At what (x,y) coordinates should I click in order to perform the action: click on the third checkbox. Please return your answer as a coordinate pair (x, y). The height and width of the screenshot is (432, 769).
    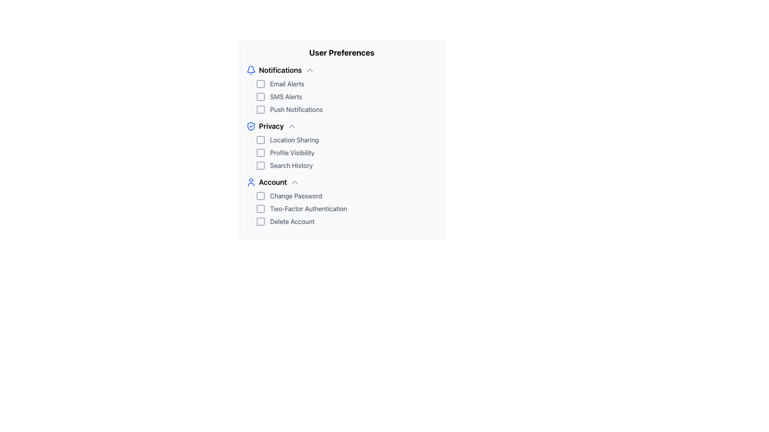
    Looking at the image, I should click on (260, 165).